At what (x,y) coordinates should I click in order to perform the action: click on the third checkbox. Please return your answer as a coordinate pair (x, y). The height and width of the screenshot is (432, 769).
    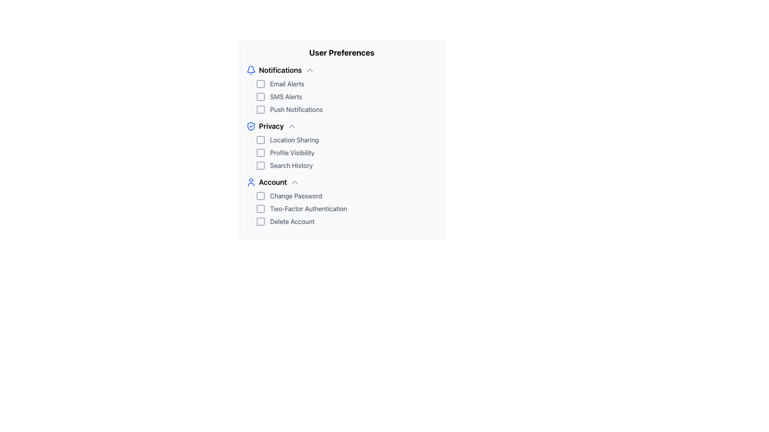
    Looking at the image, I should click on (260, 165).